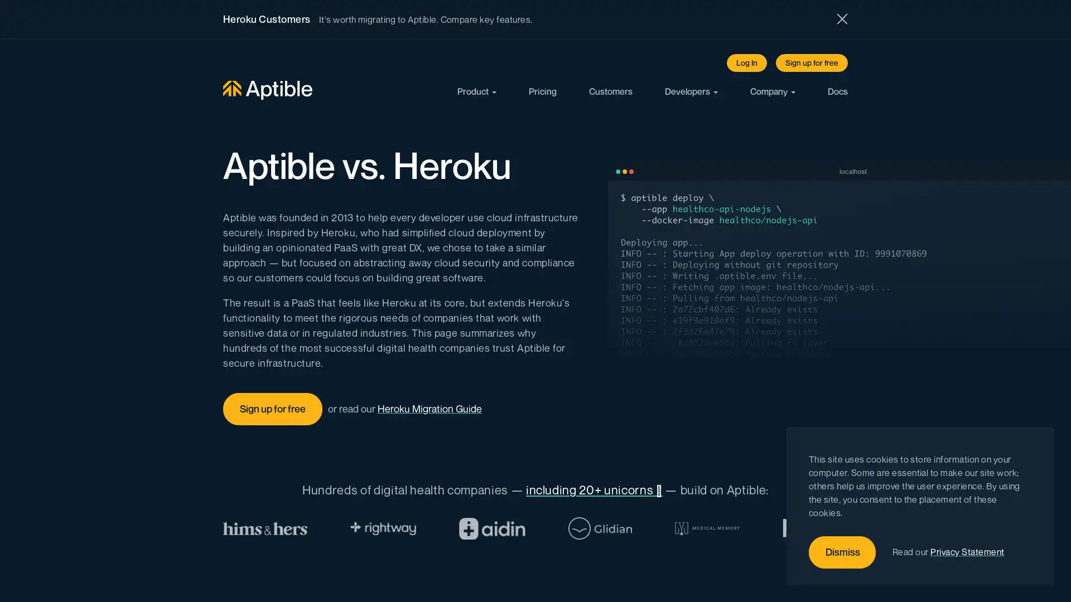  Describe the element at coordinates (842, 552) in the screenshot. I see `Dismiss` at that location.